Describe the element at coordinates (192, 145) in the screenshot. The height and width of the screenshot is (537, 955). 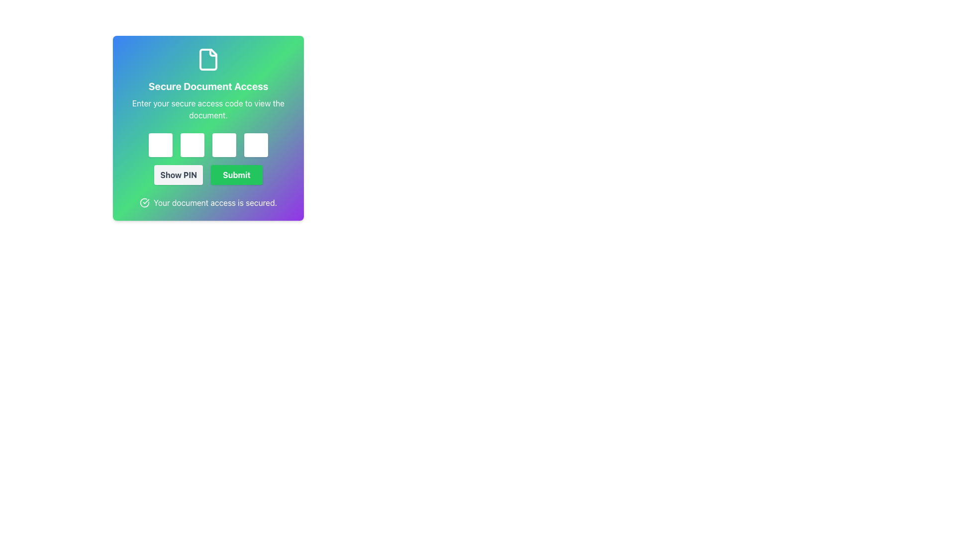
I see `the second password input field located in the top center of the card interface, which is part of a multi-field secure input mechanism` at that location.